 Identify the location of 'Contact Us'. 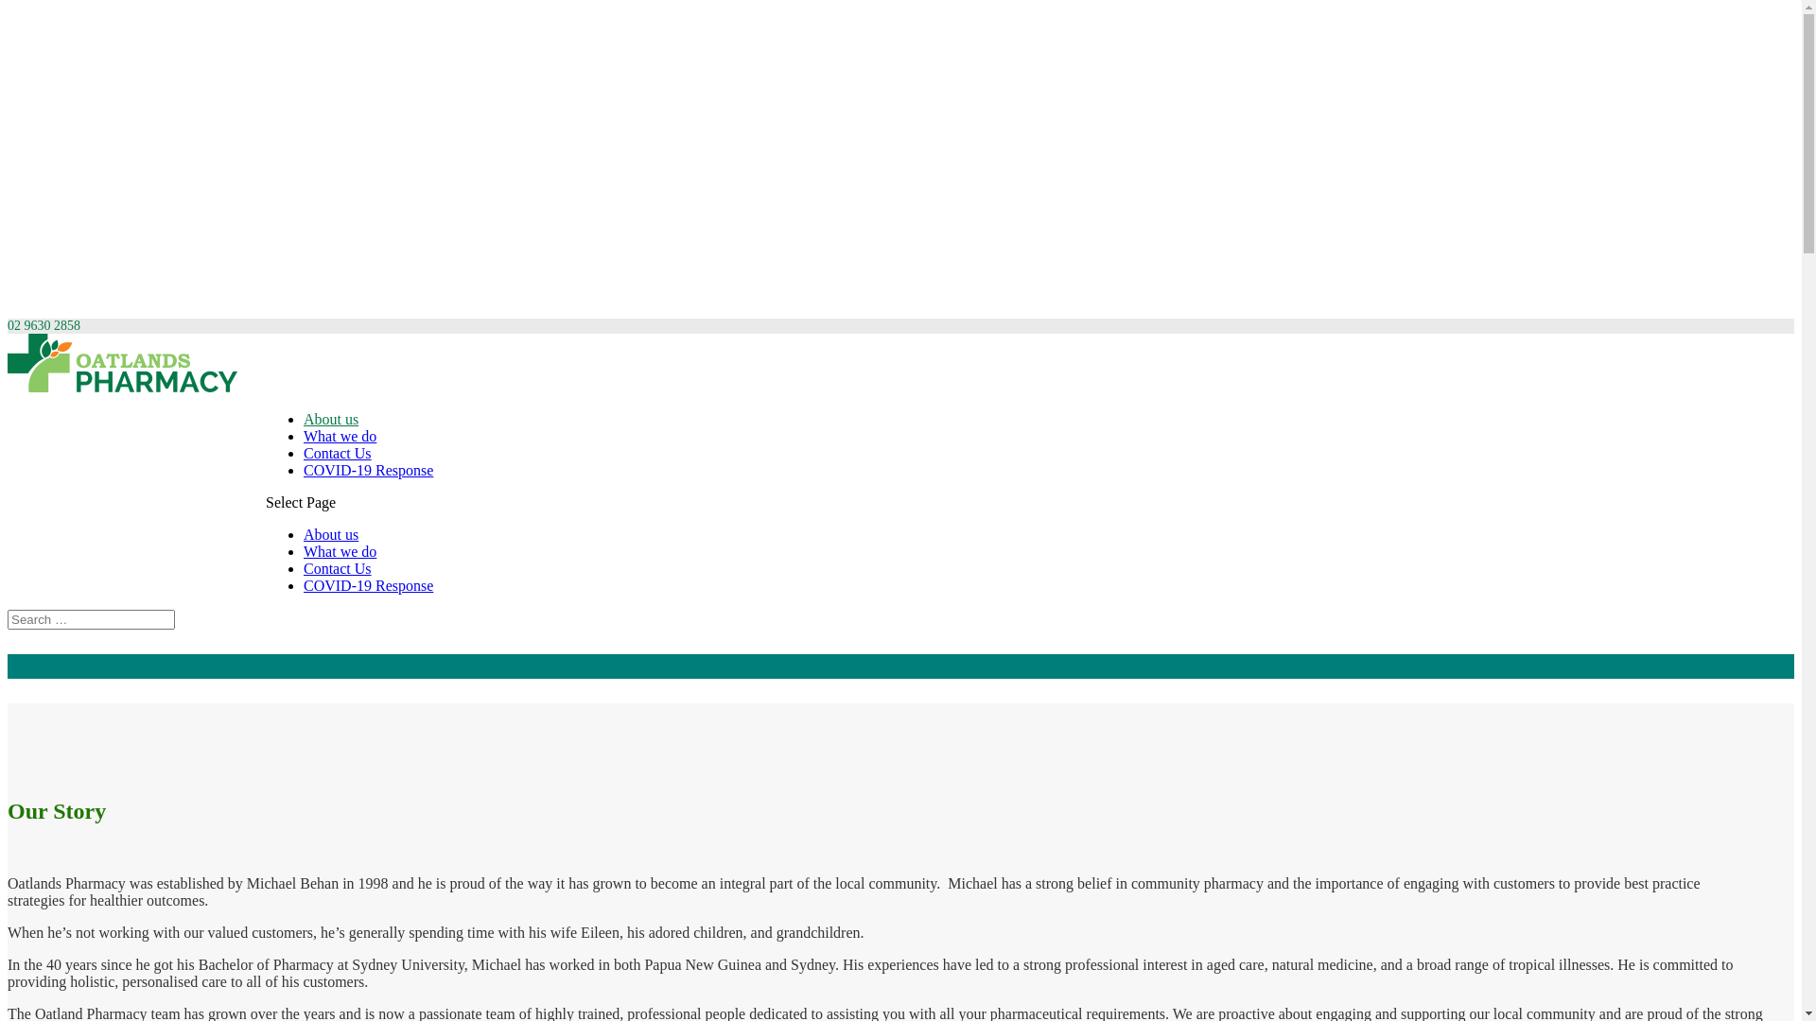
(337, 453).